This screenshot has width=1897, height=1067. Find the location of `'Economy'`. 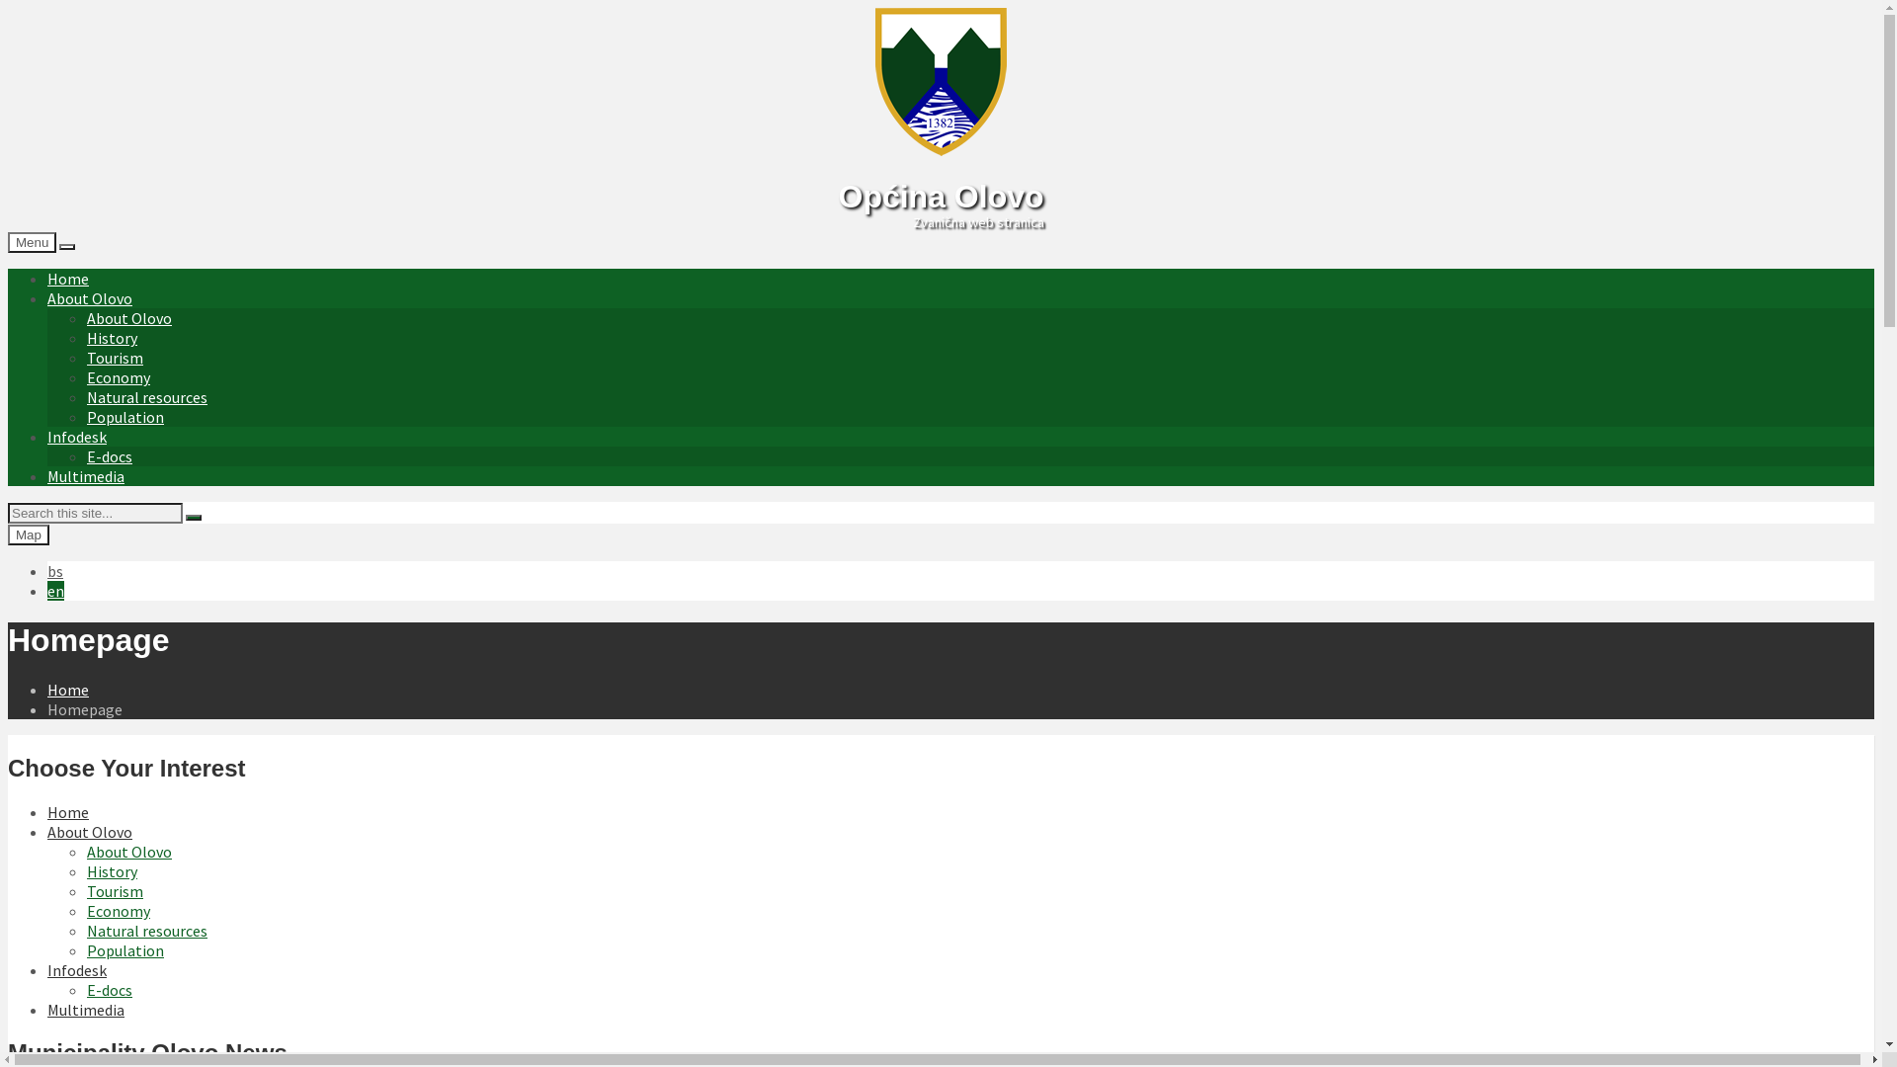

'Economy' is located at coordinates (85, 376).